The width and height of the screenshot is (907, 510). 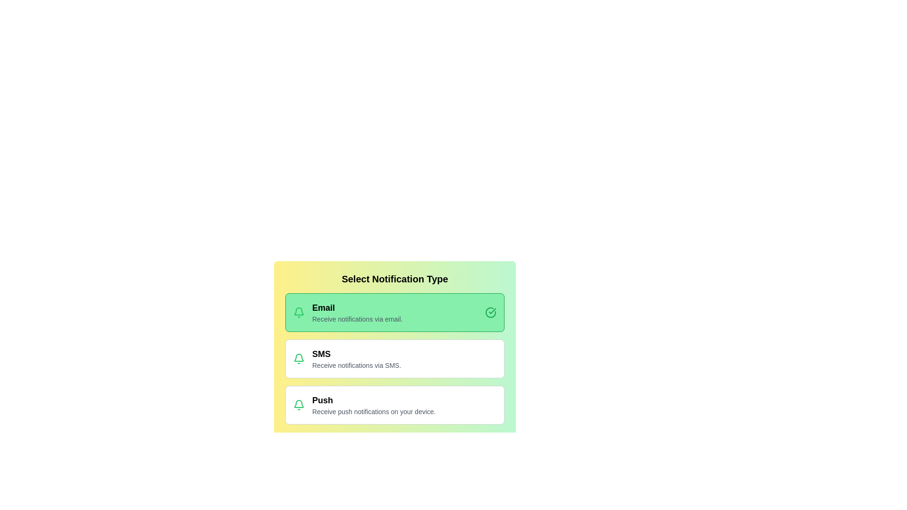 I want to click on the notification option labeled 'SMS' using keyboard navigation, so click(x=394, y=358).